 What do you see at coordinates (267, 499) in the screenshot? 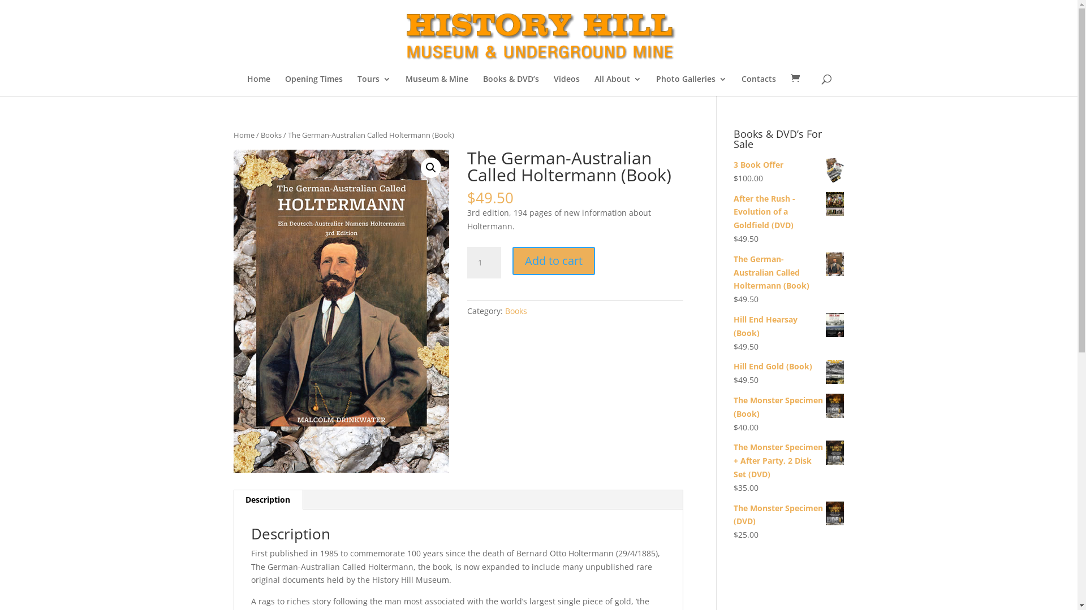
I see `'Description'` at bounding box center [267, 499].